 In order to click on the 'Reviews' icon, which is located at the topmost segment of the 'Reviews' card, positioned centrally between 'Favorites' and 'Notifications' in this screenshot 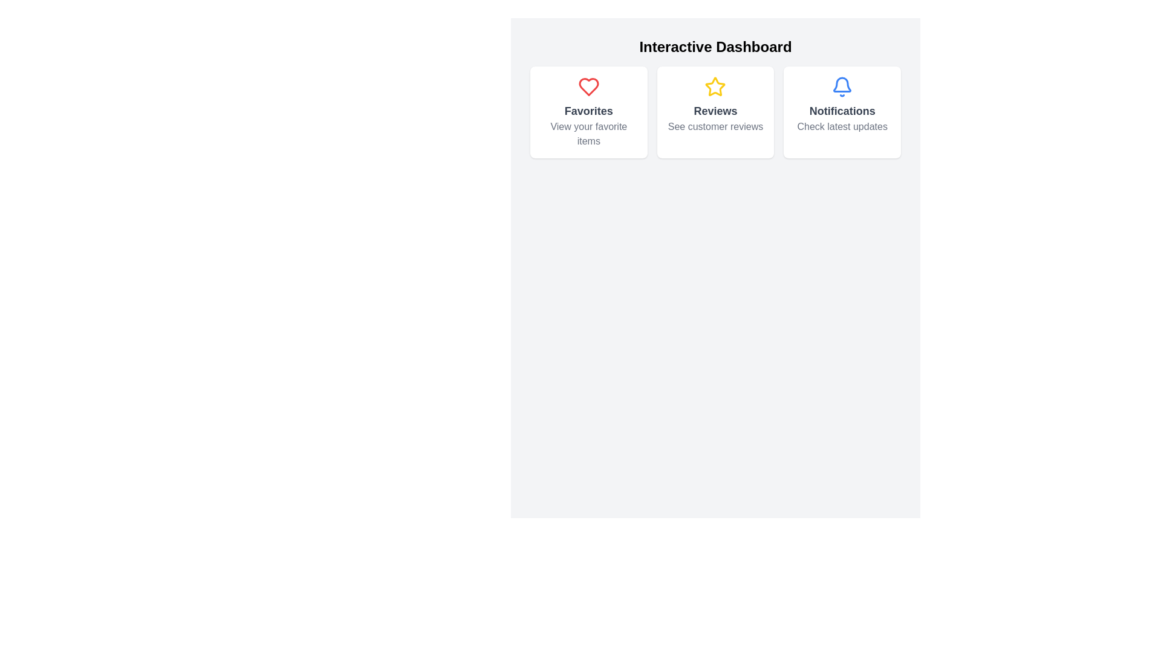, I will do `click(715, 86)`.